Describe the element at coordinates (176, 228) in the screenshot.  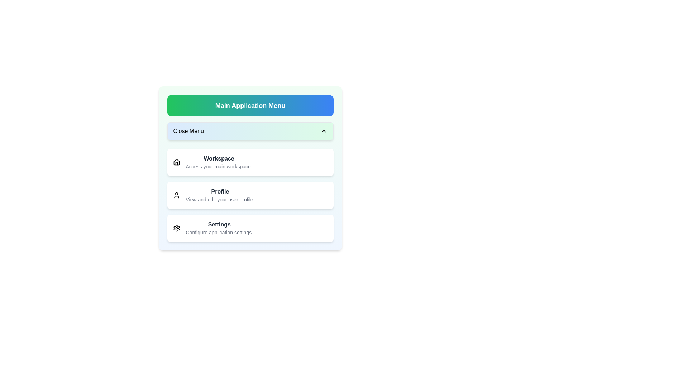
I see `the icon of the Settings menu item` at that location.